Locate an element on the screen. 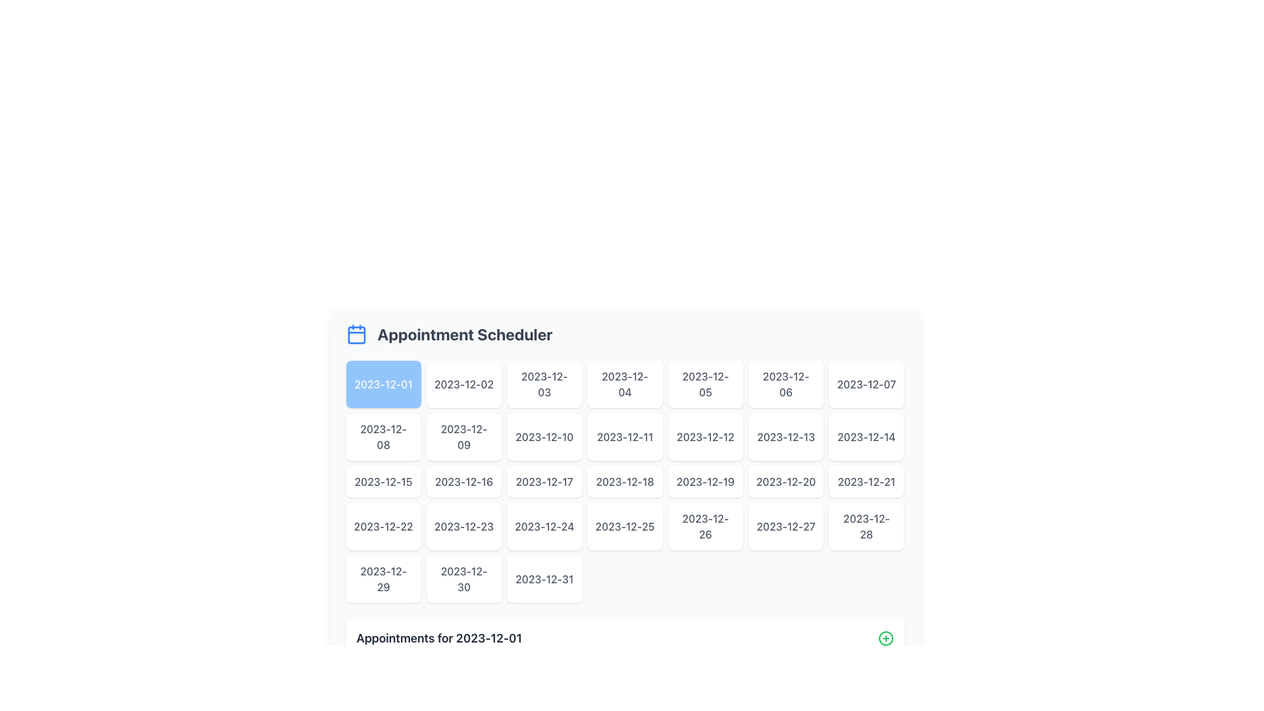 The width and height of the screenshot is (1264, 711). the date selection button located in the first row, third column of the calendar interface is located at coordinates (544, 384).